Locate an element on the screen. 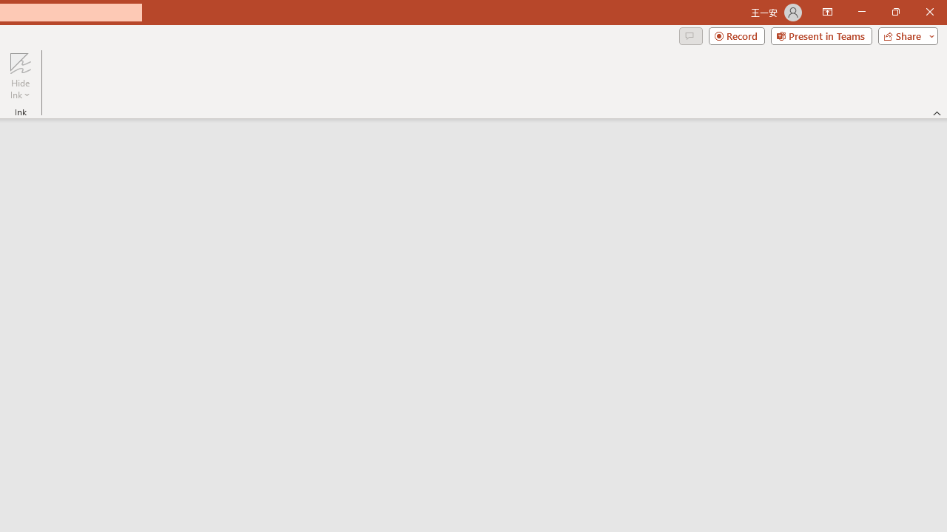 Image resolution: width=947 pixels, height=532 pixels. 'Hide Ink' is located at coordinates (20, 62).